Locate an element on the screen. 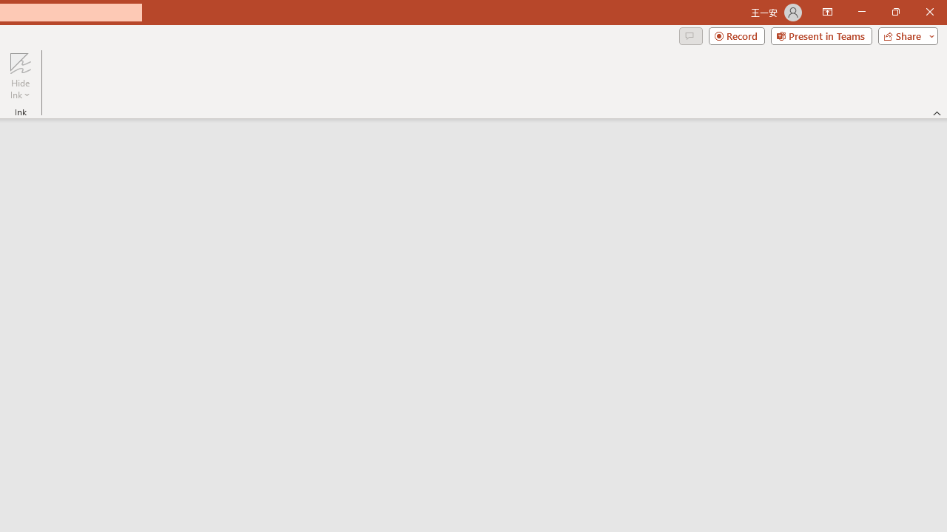 Image resolution: width=947 pixels, height=532 pixels. 'Hide Ink' is located at coordinates (20, 62).